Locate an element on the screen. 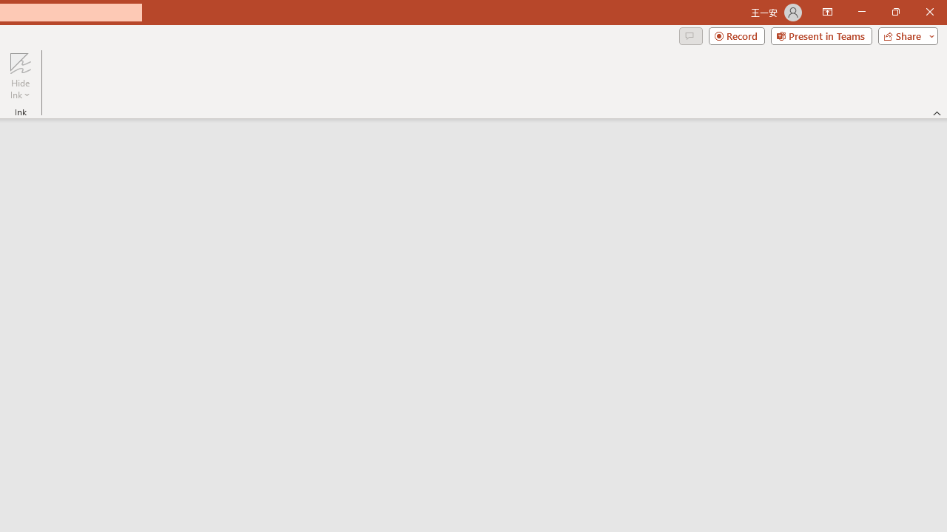 Image resolution: width=947 pixels, height=532 pixels. 'Hide Ink' is located at coordinates (20, 62).